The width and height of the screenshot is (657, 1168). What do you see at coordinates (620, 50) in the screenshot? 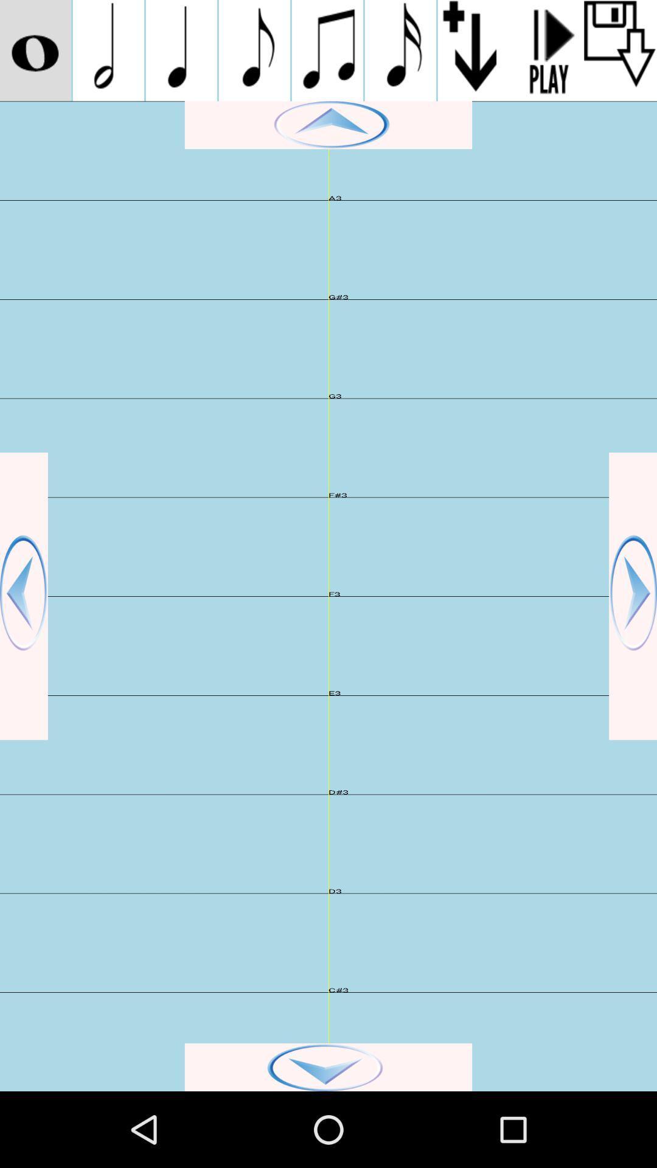
I see `audio` at bounding box center [620, 50].